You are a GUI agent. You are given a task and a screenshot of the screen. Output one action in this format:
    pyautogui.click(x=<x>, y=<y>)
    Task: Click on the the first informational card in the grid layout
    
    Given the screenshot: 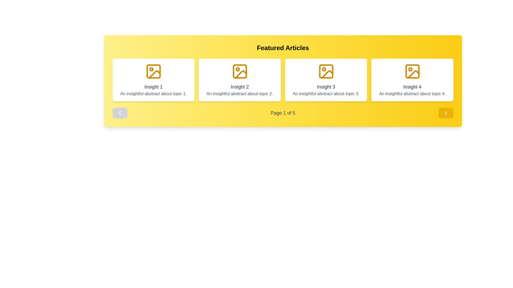 What is the action you would take?
    pyautogui.click(x=153, y=80)
    